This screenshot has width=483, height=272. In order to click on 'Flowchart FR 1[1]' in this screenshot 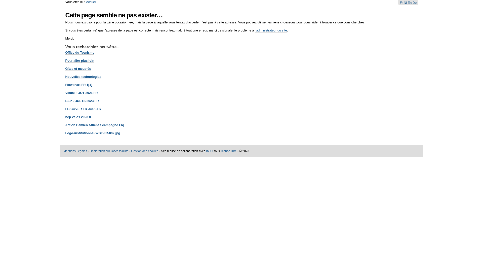, I will do `click(78, 84)`.